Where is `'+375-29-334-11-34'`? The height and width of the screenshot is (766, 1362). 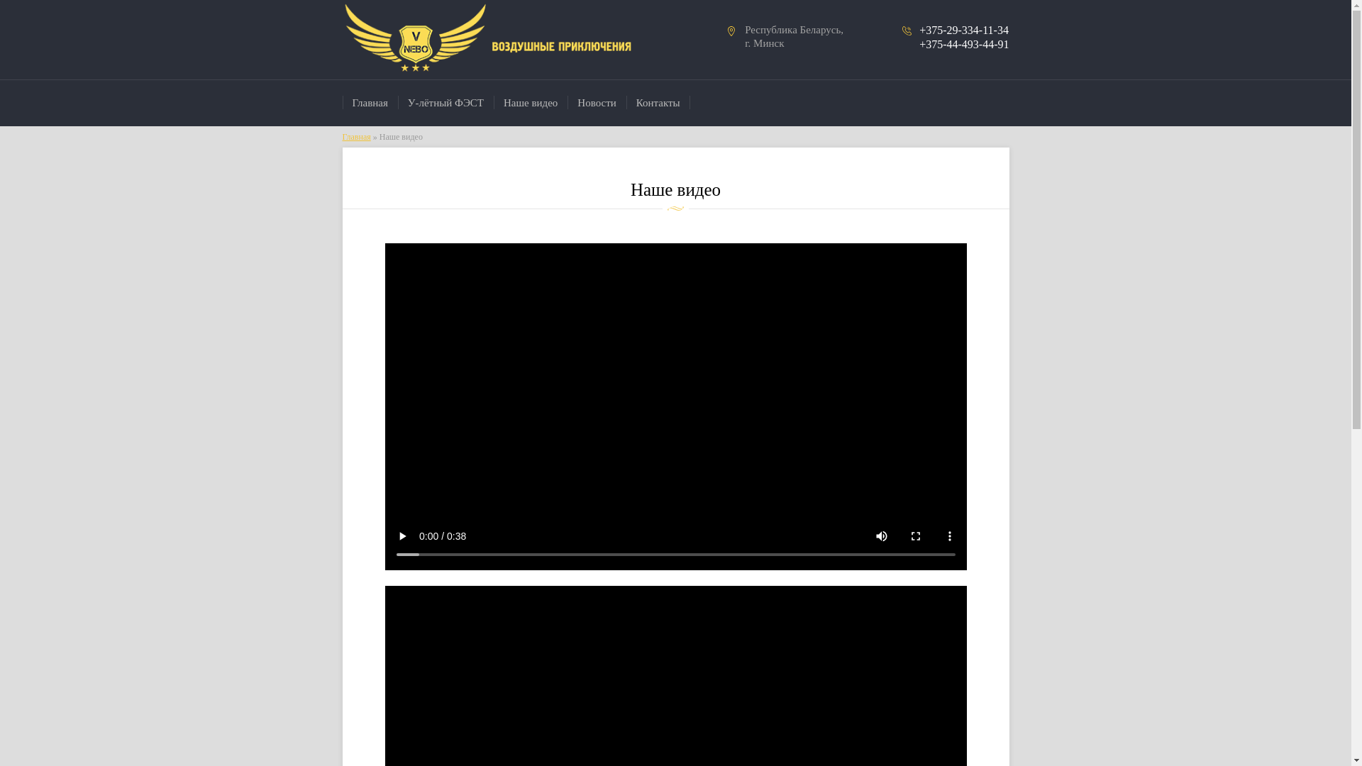 '+375-29-334-11-34' is located at coordinates (963, 30).